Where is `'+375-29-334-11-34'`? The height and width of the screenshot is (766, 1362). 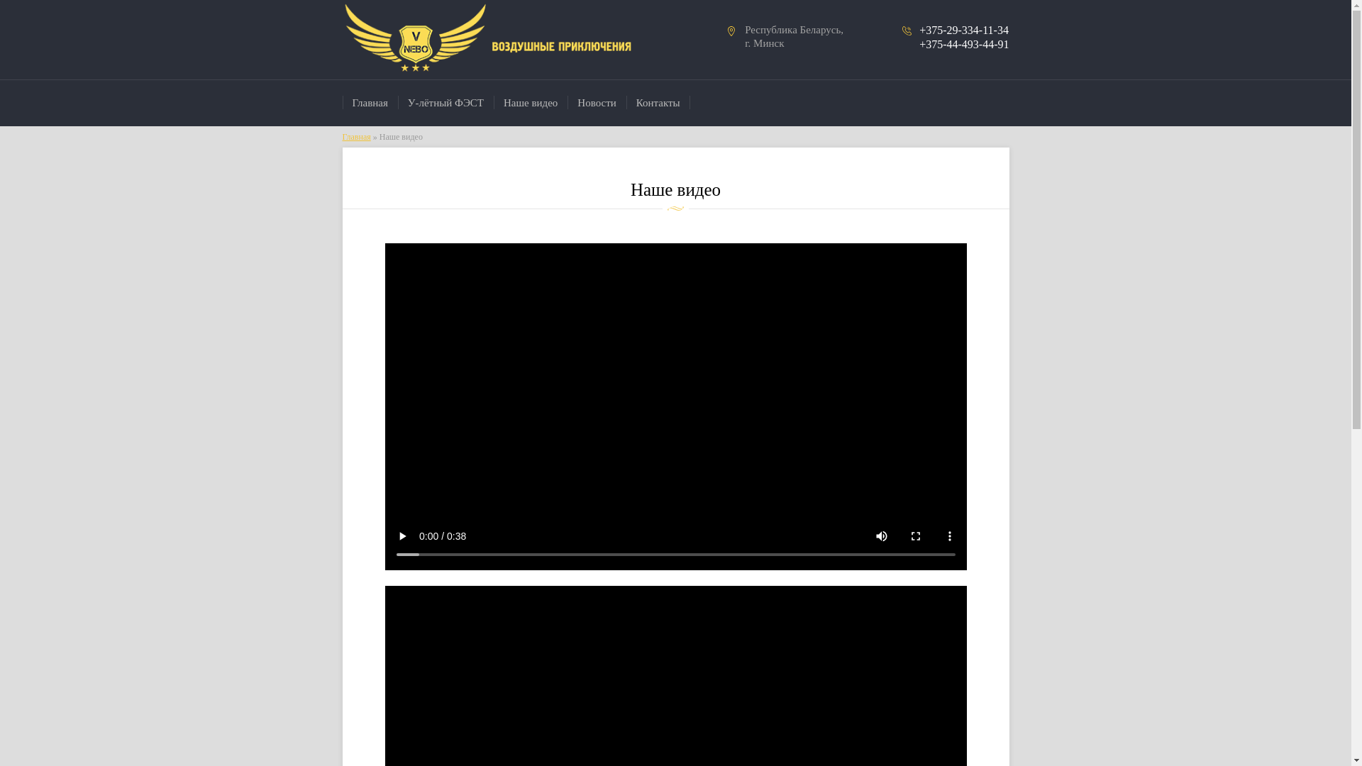 '+375-29-334-11-34' is located at coordinates (963, 30).